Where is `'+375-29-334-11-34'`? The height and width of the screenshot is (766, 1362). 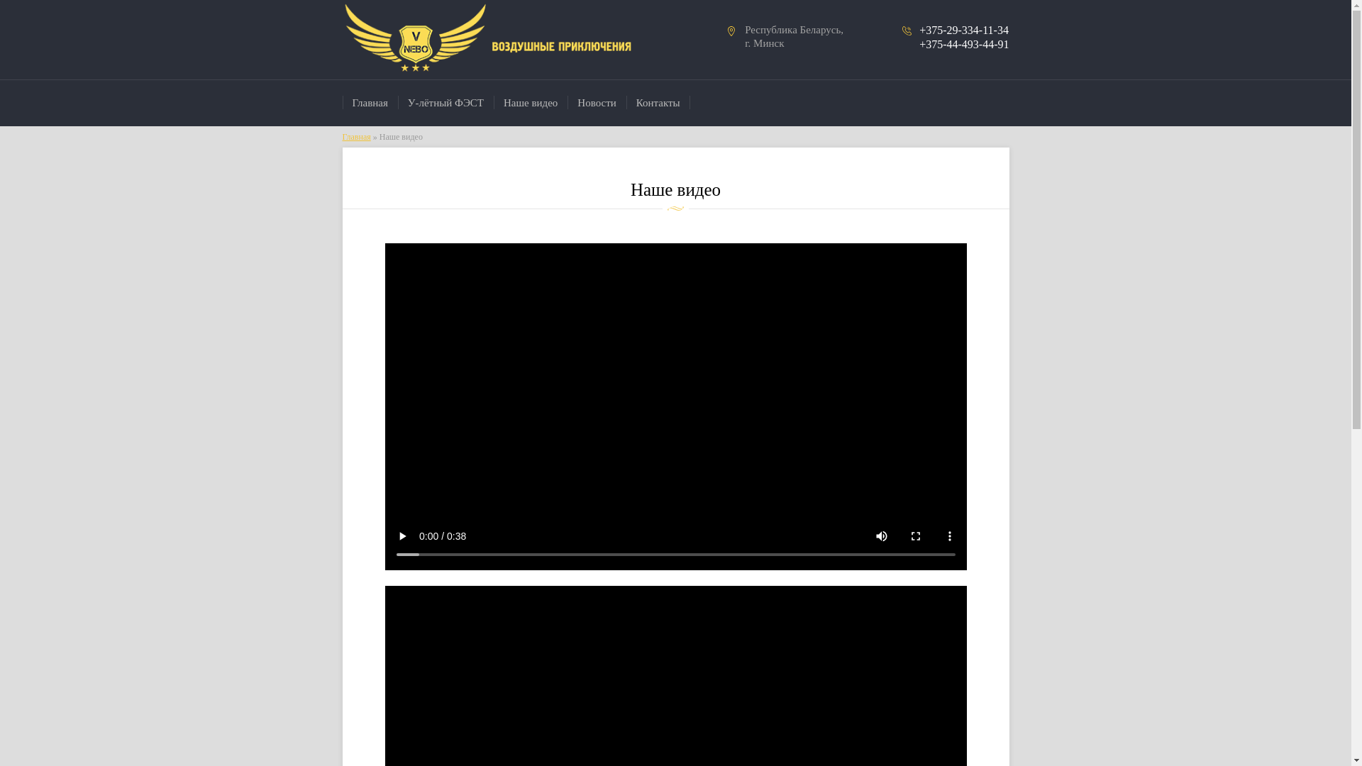 '+375-29-334-11-34' is located at coordinates (963, 30).